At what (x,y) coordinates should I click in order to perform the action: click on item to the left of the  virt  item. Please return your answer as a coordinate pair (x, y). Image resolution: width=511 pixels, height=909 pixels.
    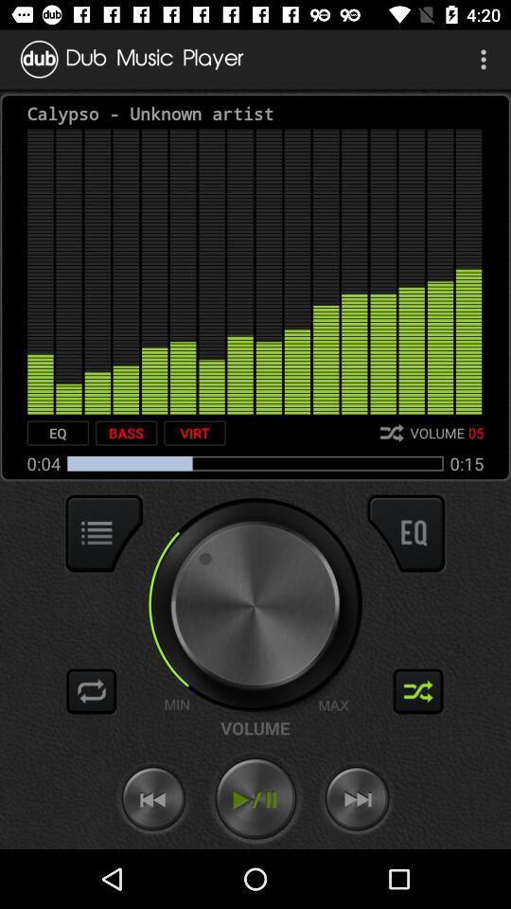
    Looking at the image, I should click on (126, 433).